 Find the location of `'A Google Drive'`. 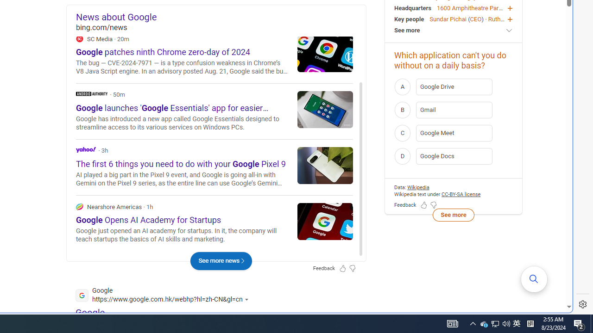

'A Google Drive' is located at coordinates (454, 86).